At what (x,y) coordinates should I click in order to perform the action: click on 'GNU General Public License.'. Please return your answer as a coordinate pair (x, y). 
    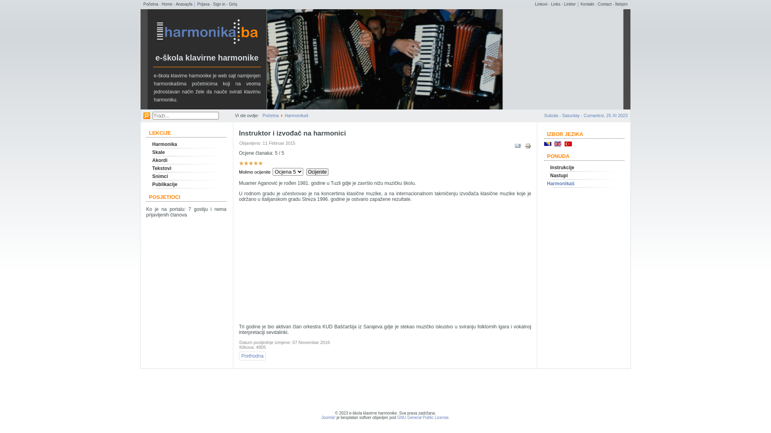
    Looking at the image, I should click on (423, 417).